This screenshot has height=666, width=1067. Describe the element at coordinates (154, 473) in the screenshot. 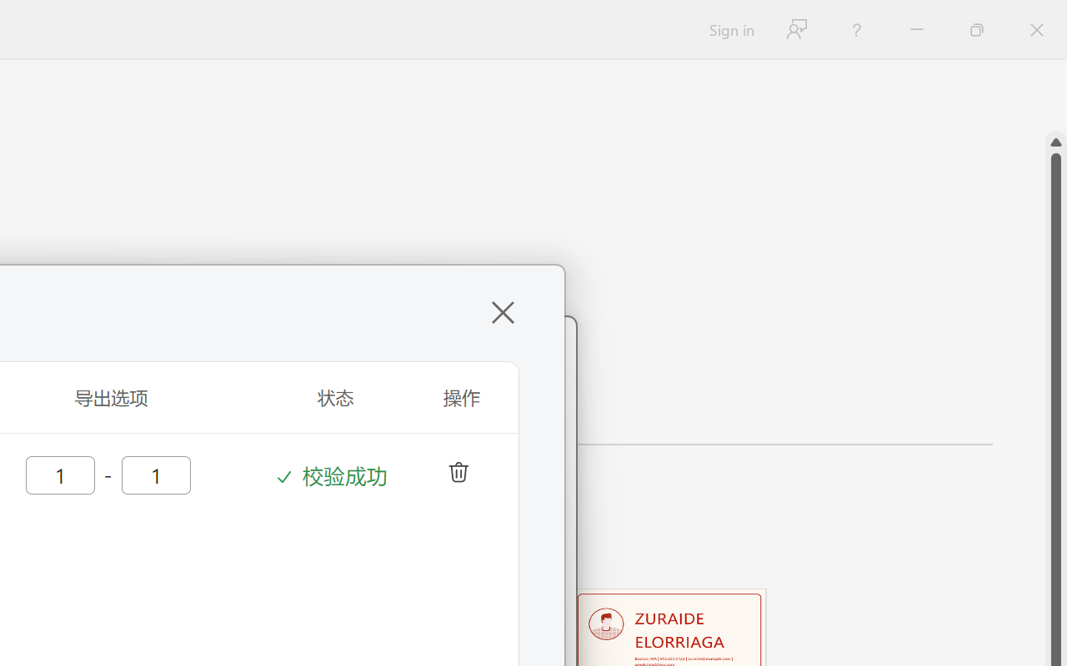

I see `'AutomationID: input44'` at that location.